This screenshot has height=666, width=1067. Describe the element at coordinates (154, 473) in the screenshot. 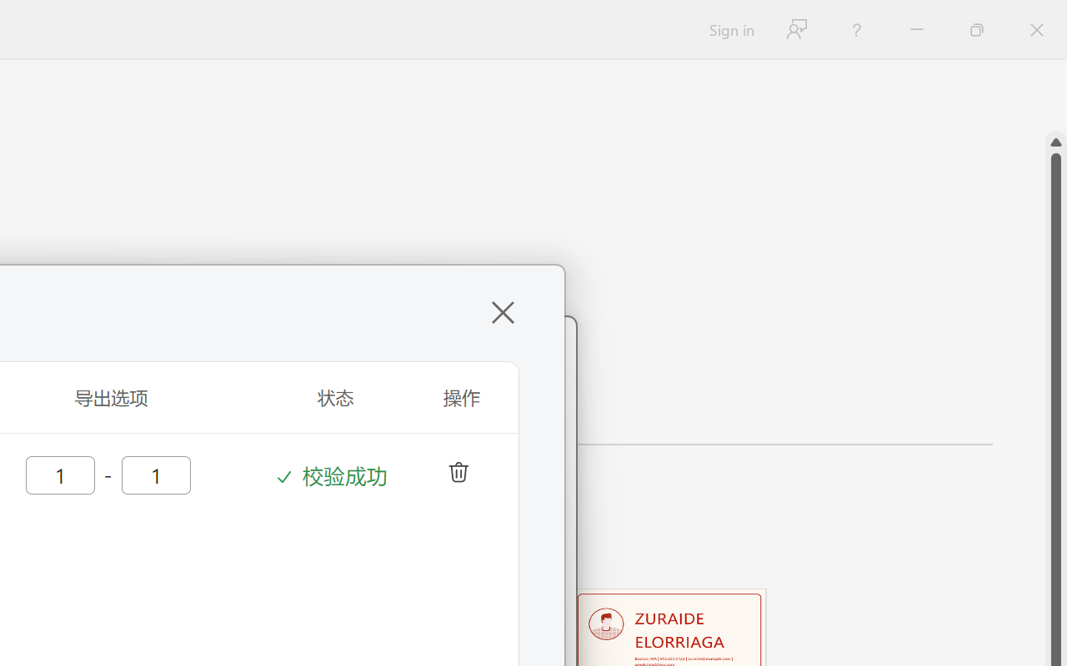

I see `'AutomationID: input44'` at that location.